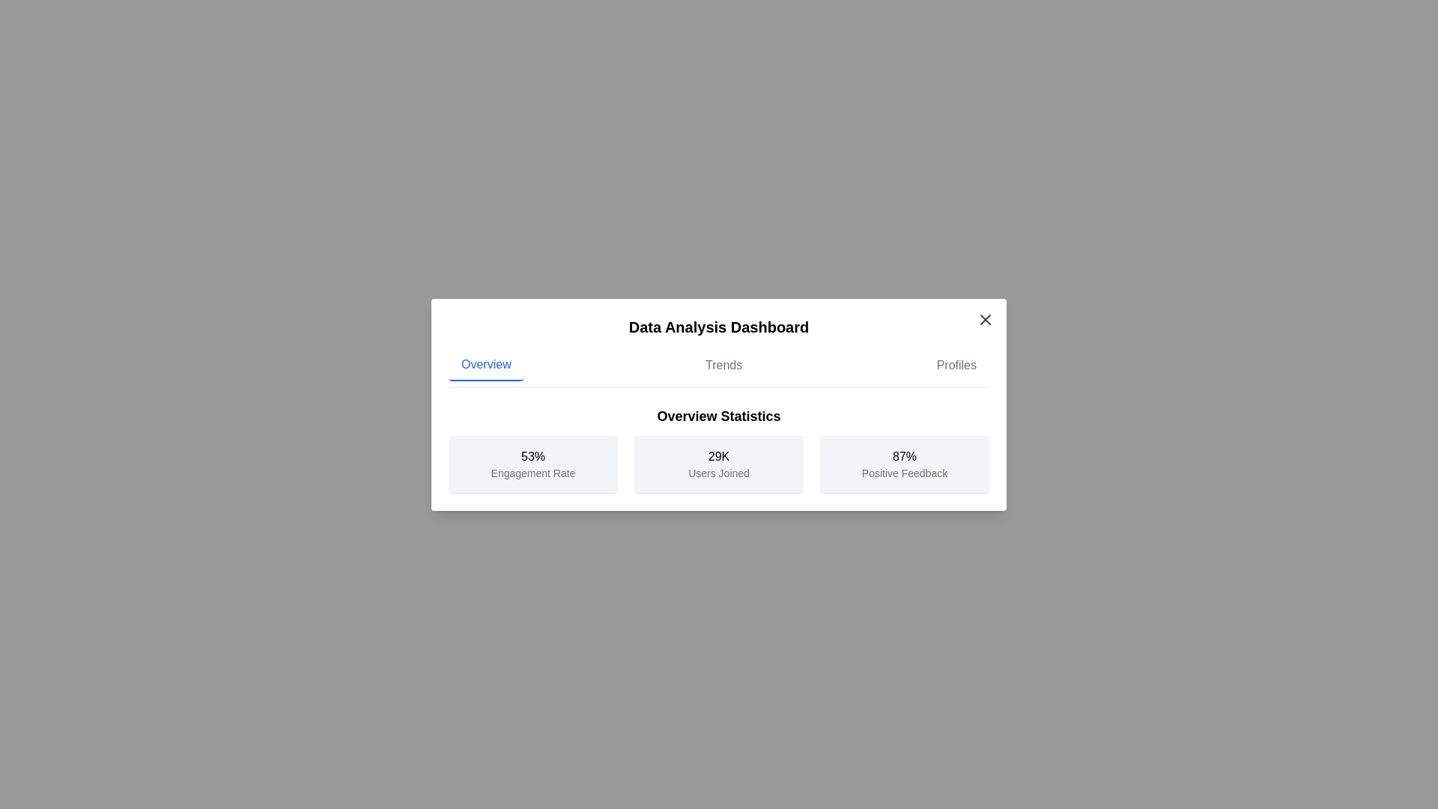 This screenshot has height=809, width=1438. What do you see at coordinates (486, 365) in the screenshot?
I see `the 'Overview' text button` at bounding box center [486, 365].